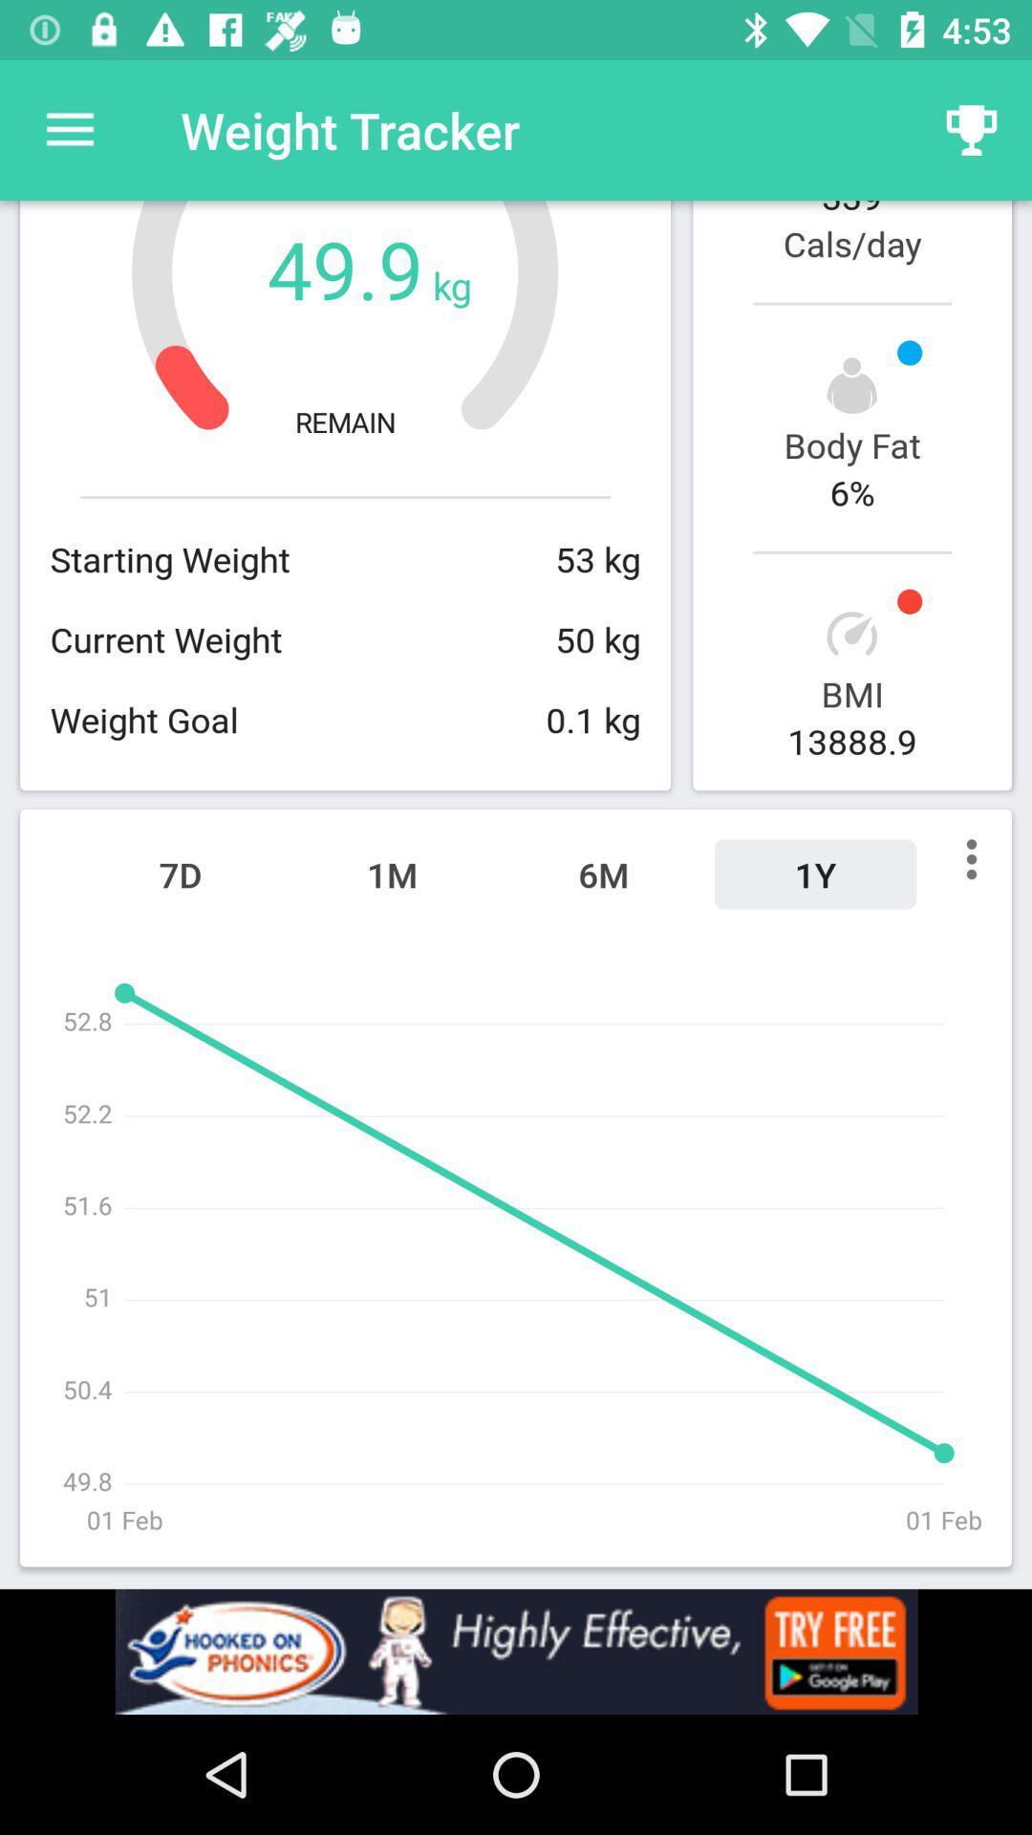 Image resolution: width=1032 pixels, height=1835 pixels. Describe the element at coordinates (516, 1651) in the screenshot. I see `the advertisement` at that location.